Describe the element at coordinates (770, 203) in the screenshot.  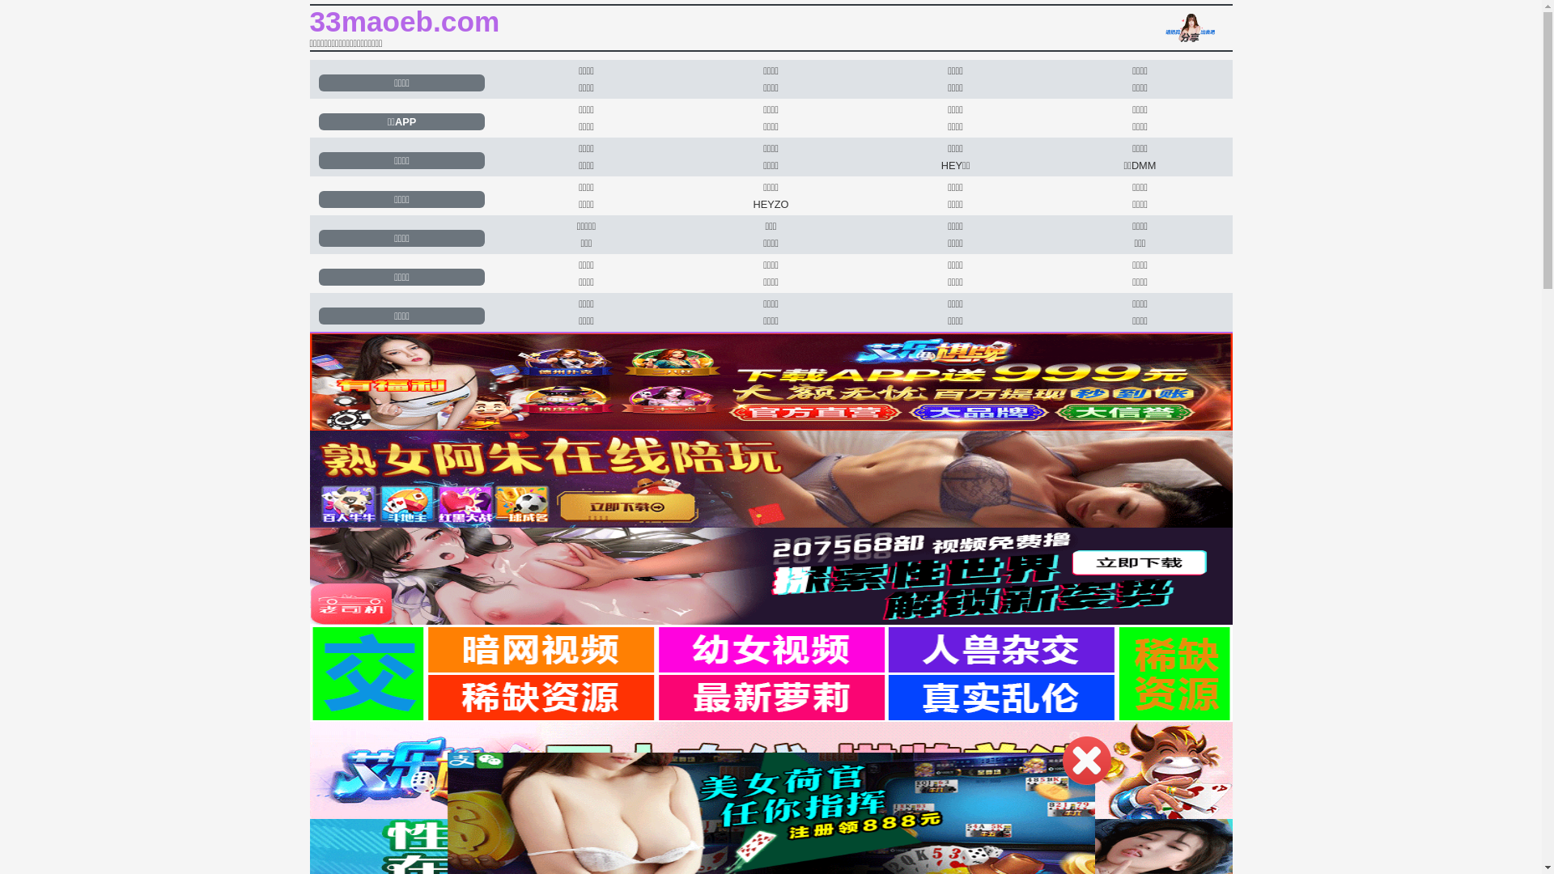
I see `'HEYZO'` at that location.